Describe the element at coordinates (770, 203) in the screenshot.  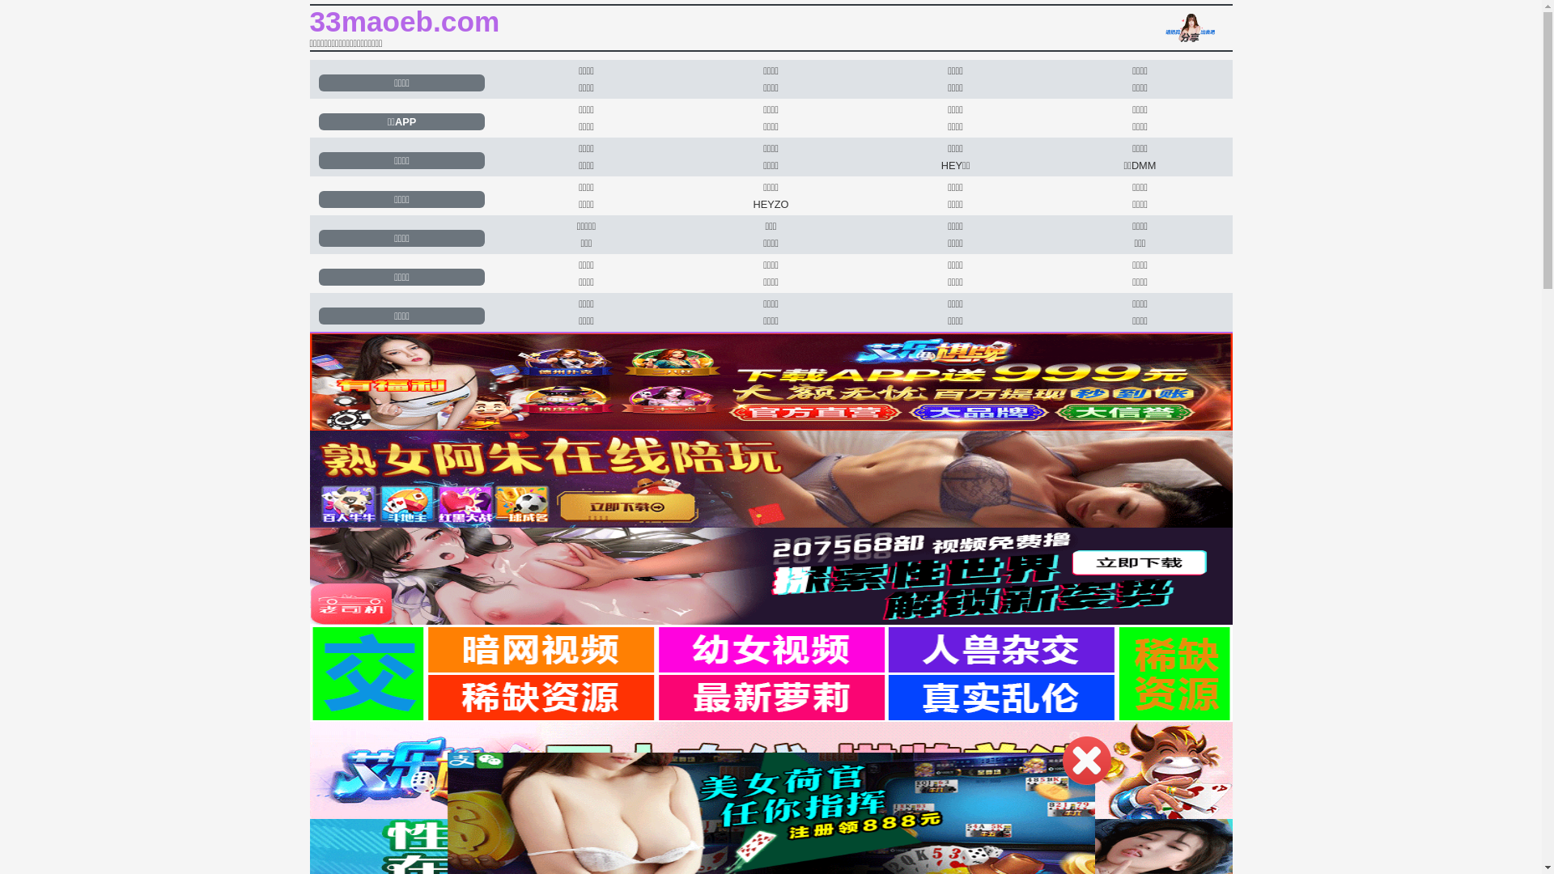
I see `'HEYZO'` at that location.